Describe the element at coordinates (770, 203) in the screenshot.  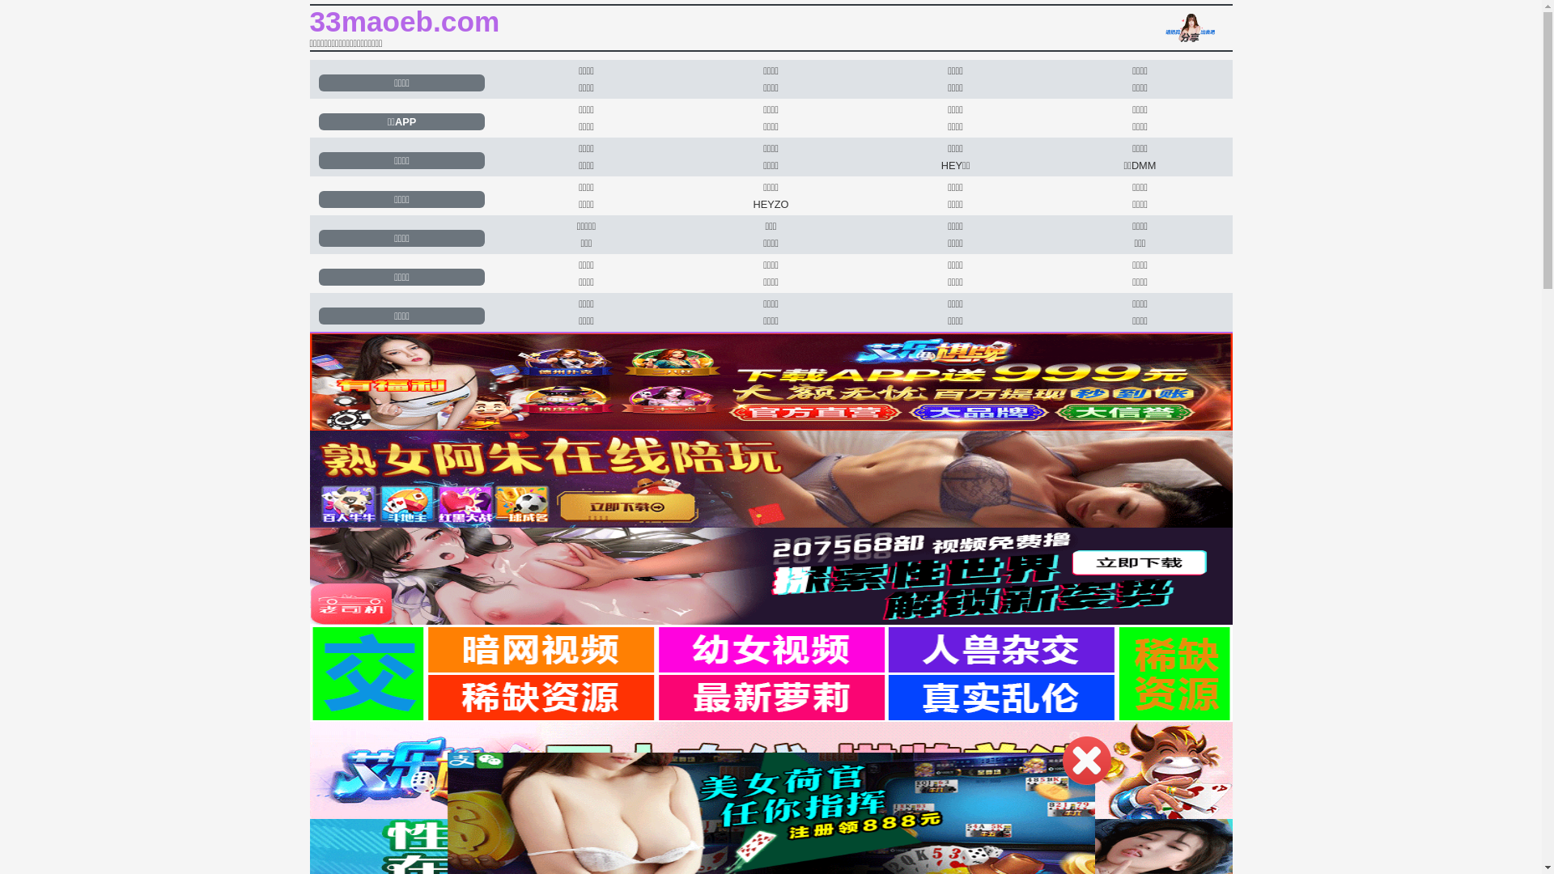
I see `'HEYZO'` at that location.